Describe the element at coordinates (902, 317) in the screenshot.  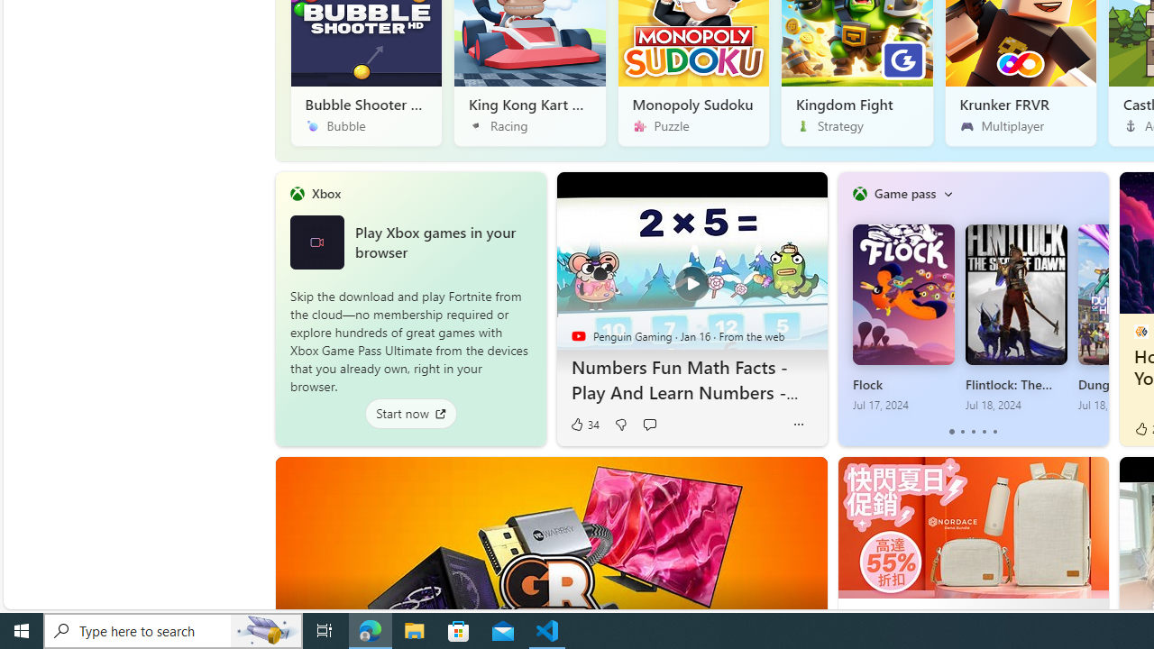
I see `'Flock Jul 17, 2024'` at that location.